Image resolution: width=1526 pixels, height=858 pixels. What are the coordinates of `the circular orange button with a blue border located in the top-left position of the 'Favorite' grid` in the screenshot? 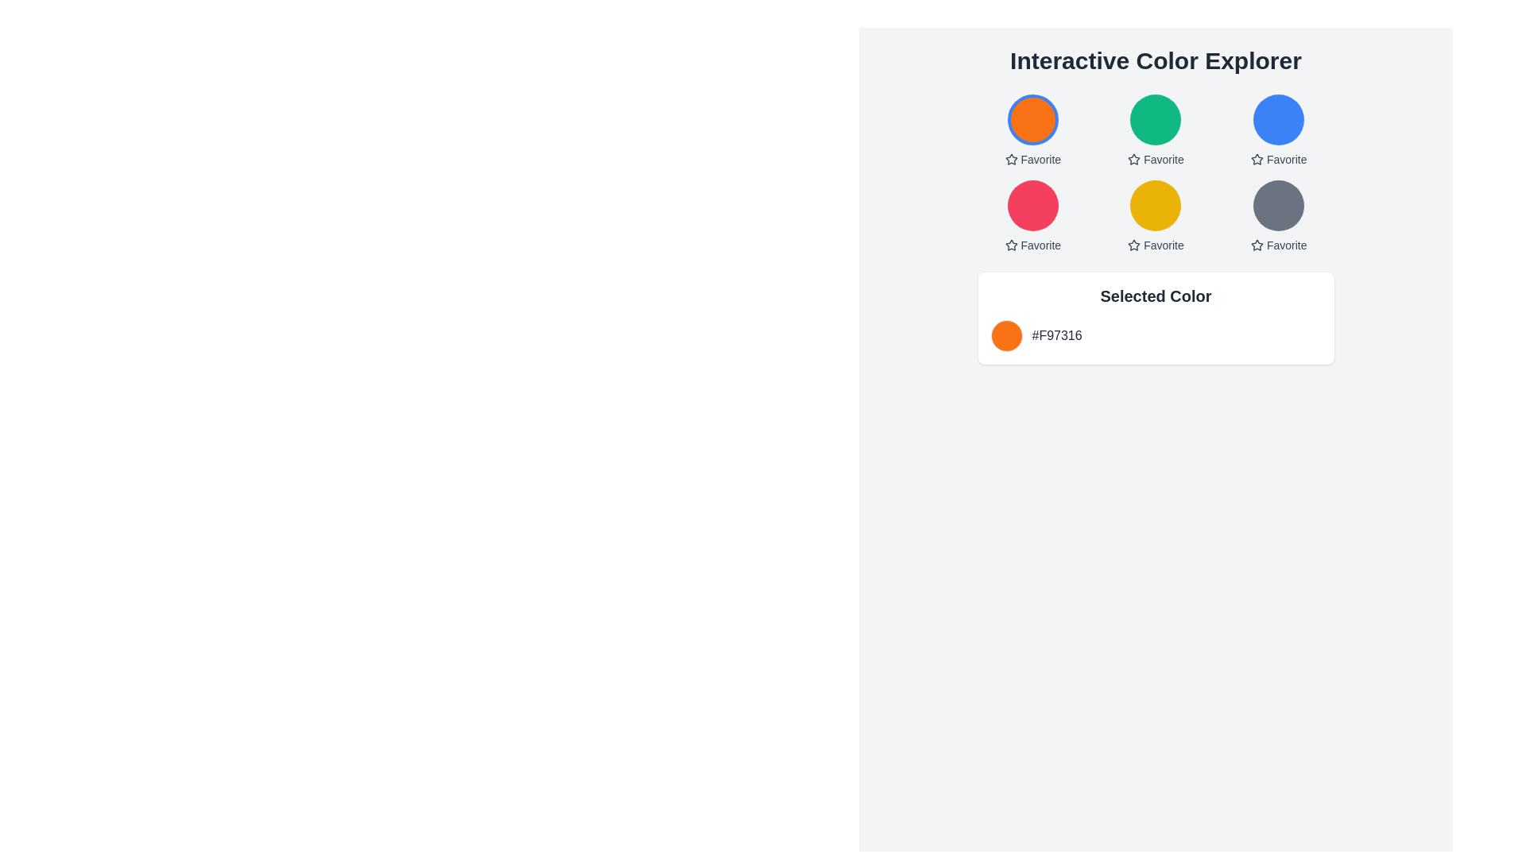 It's located at (1032, 118).